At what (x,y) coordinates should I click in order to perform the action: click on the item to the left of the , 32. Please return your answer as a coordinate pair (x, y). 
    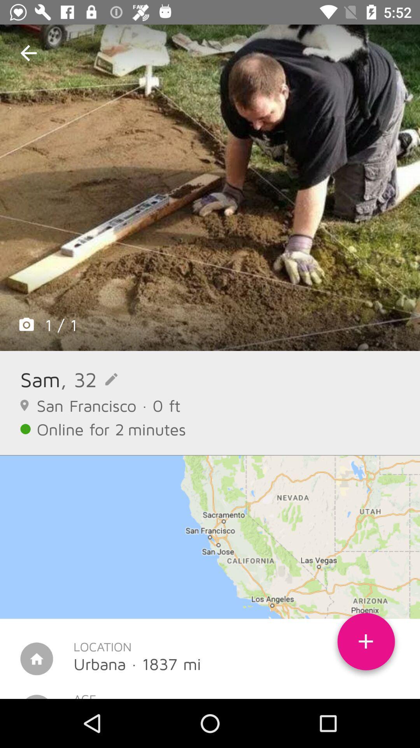
    Looking at the image, I should click on (40, 379).